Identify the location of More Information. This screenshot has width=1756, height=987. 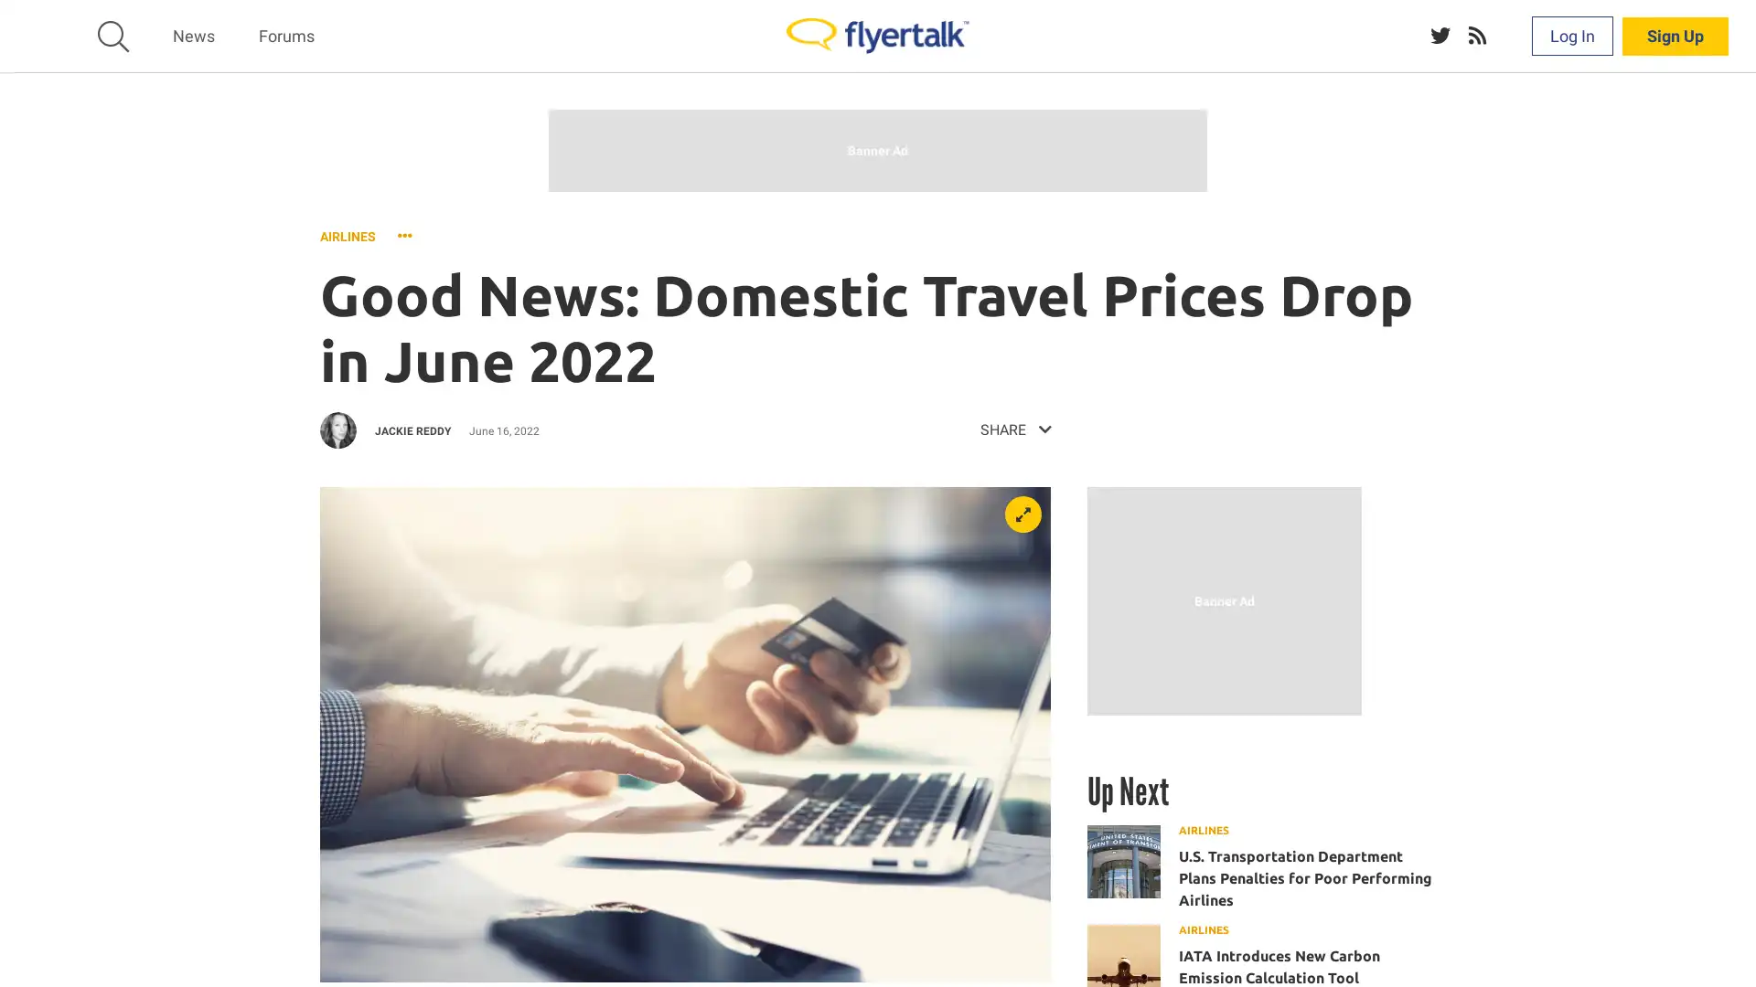
(1030, 950).